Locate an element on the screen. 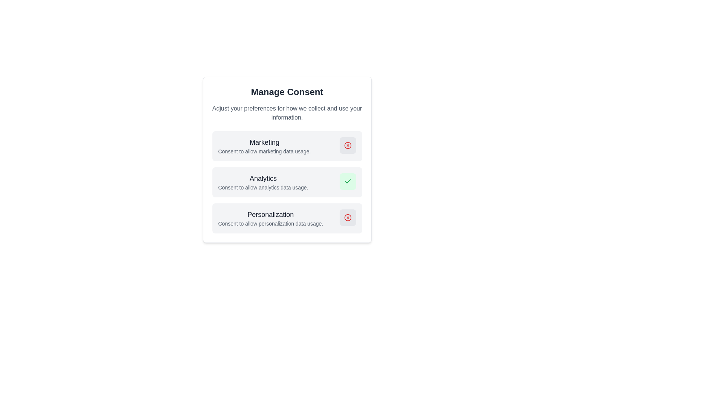  text label providing additional context related to the 'Analytics' preference, located below the 'Analytics' title is located at coordinates (263, 187).